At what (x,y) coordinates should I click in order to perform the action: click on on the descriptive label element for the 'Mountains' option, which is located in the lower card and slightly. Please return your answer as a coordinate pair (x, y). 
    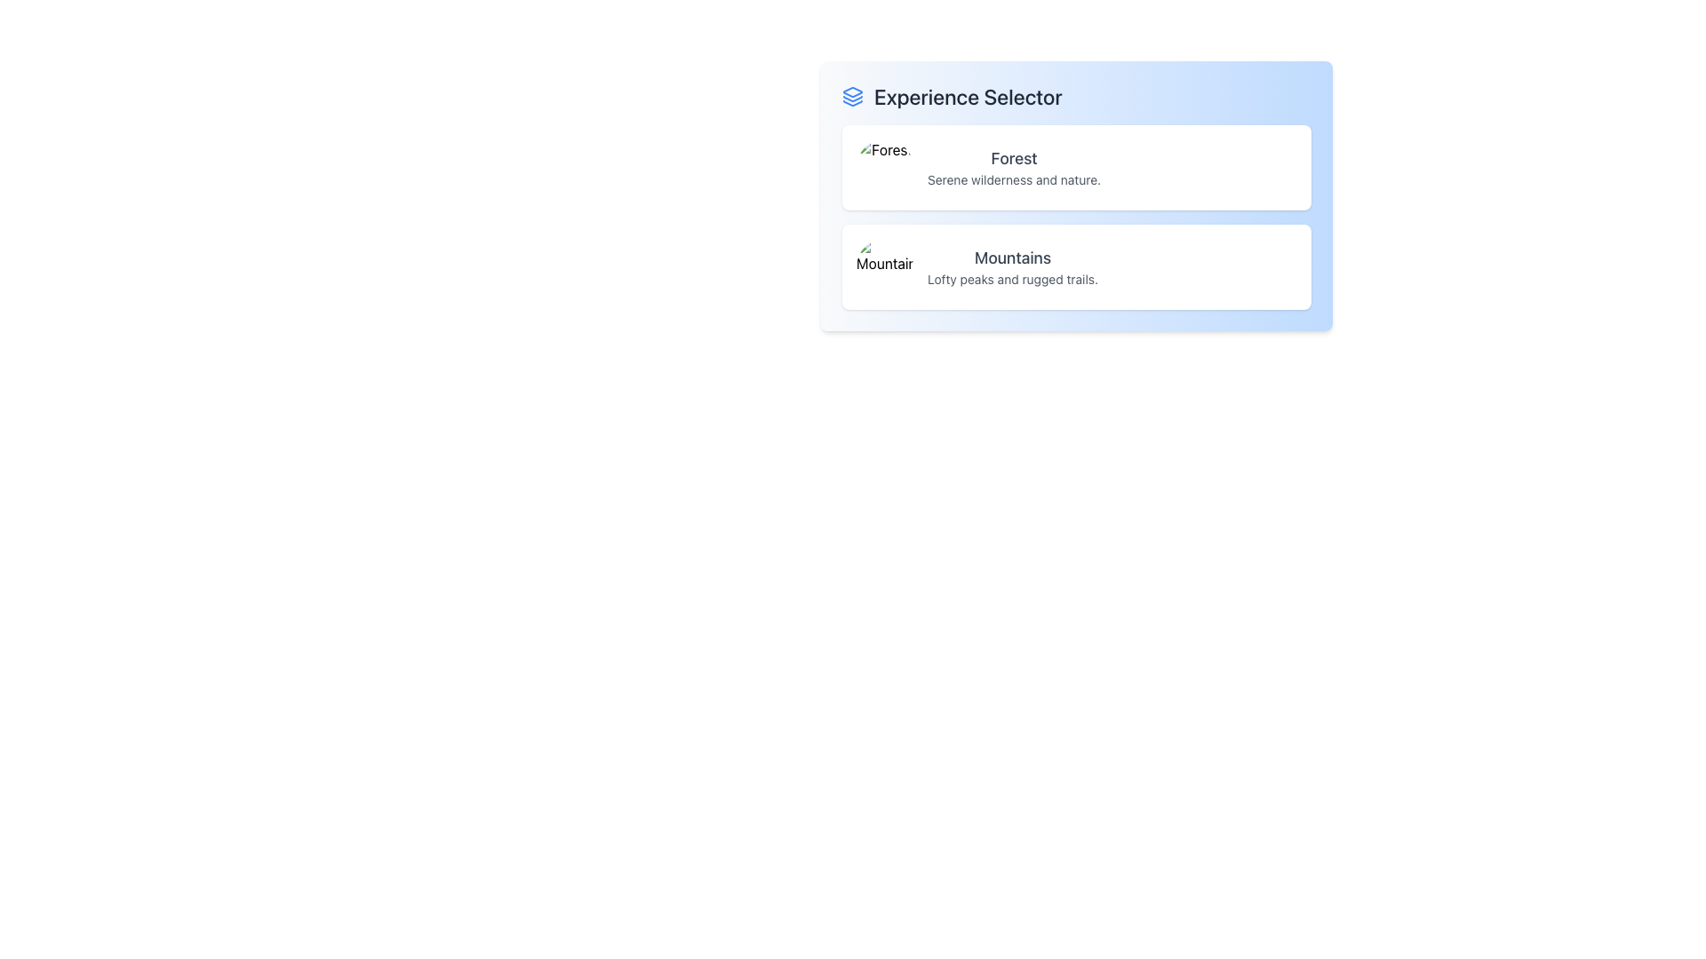
    Looking at the image, I should click on (1013, 266).